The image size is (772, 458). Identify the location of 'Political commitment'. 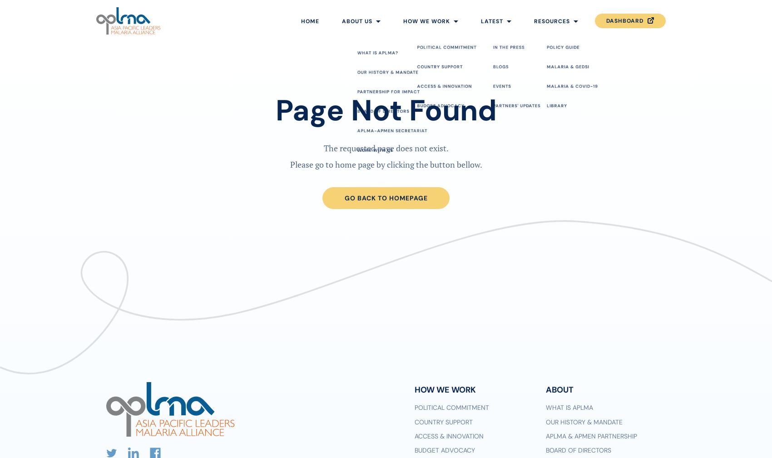
(450, 408).